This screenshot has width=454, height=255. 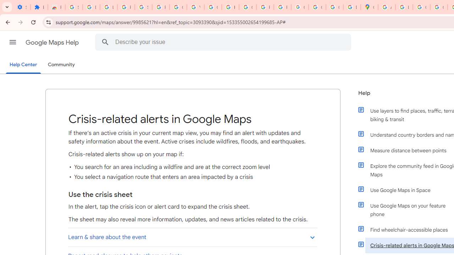 I want to click on 'Reviews: Helix Fruit Jump Arcade Game', so click(x=56, y=7).